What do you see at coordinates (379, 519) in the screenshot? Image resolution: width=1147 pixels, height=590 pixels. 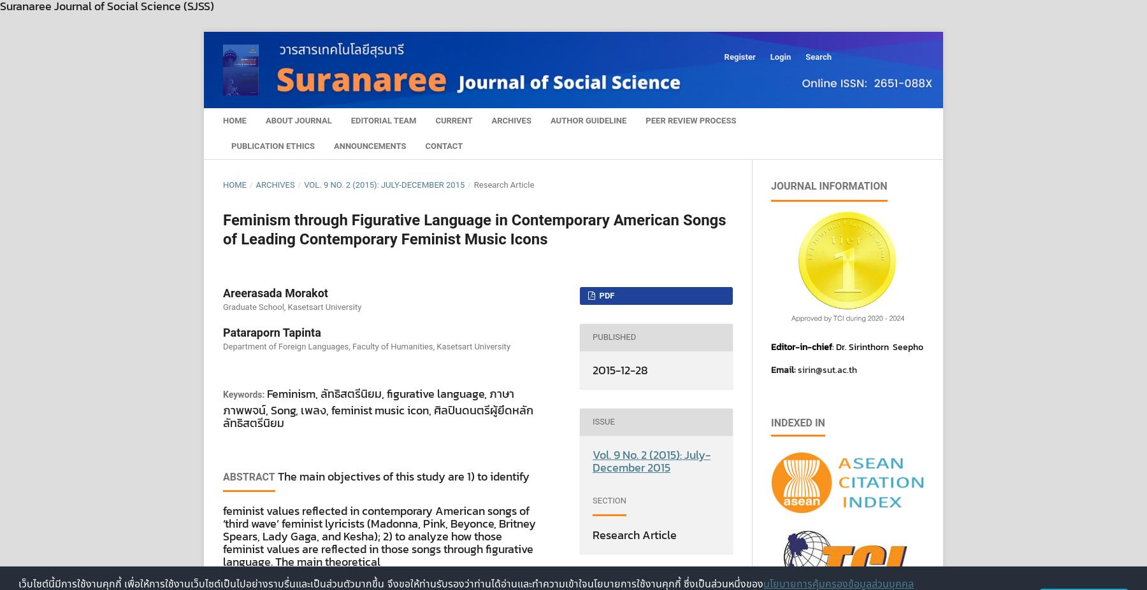 I see `'The main objectives of this study are 1) to identify feminist values reflected in contemporary American songs of ‘third wave’ feminist lyricists (Madonna, Pink, Beyonce, Britney Spears, Lady Gaga, and Kesha); 2) to analyze how those feminist values are reflected in those songs through figurative language. The main theoretical'` at bounding box center [379, 519].